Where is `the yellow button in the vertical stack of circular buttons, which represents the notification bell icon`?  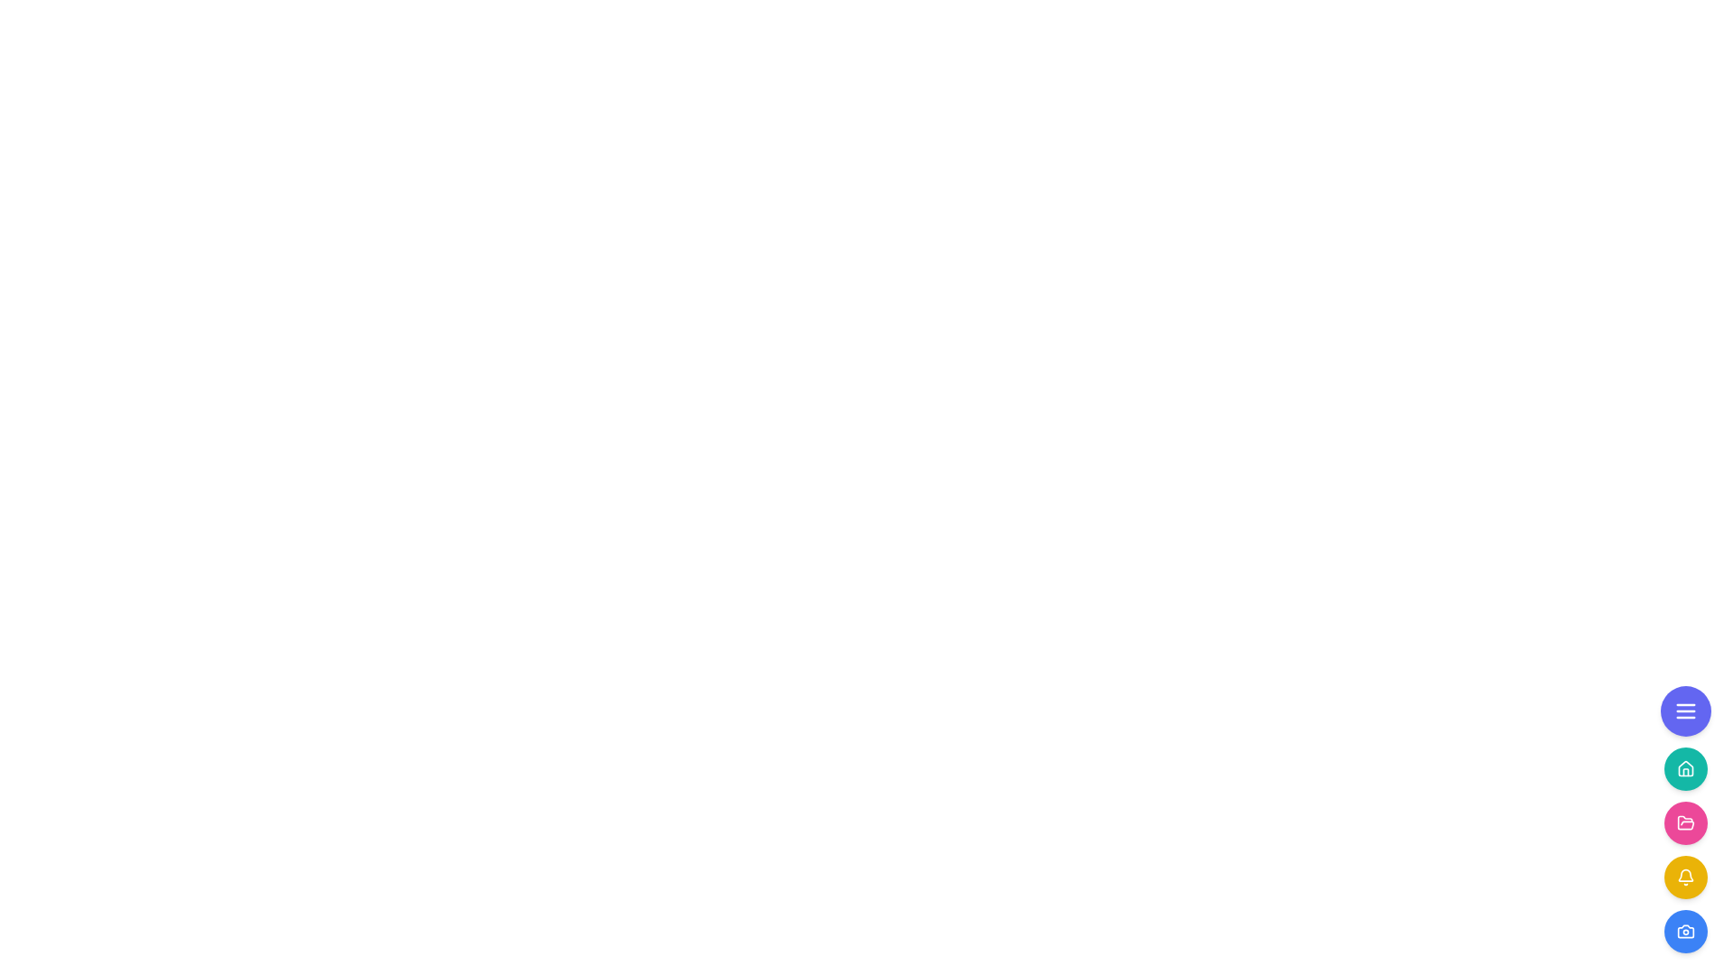
the yellow button in the vertical stack of circular buttons, which represents the notification bell icon is located at coordinates (1684, 850).